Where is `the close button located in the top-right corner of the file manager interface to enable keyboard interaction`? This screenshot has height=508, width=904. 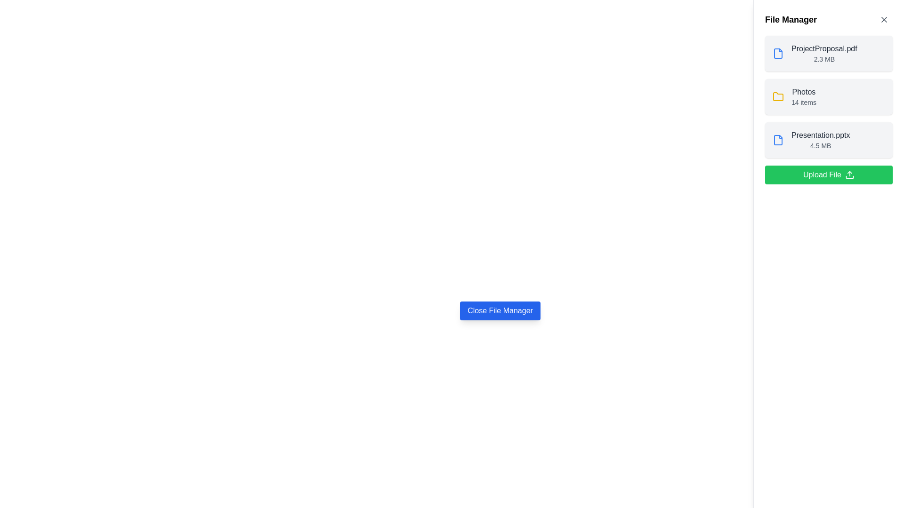
the close button located in the top-right corner of the file manager interface to enable keyboard interaction is located at coordinates (883, 20).